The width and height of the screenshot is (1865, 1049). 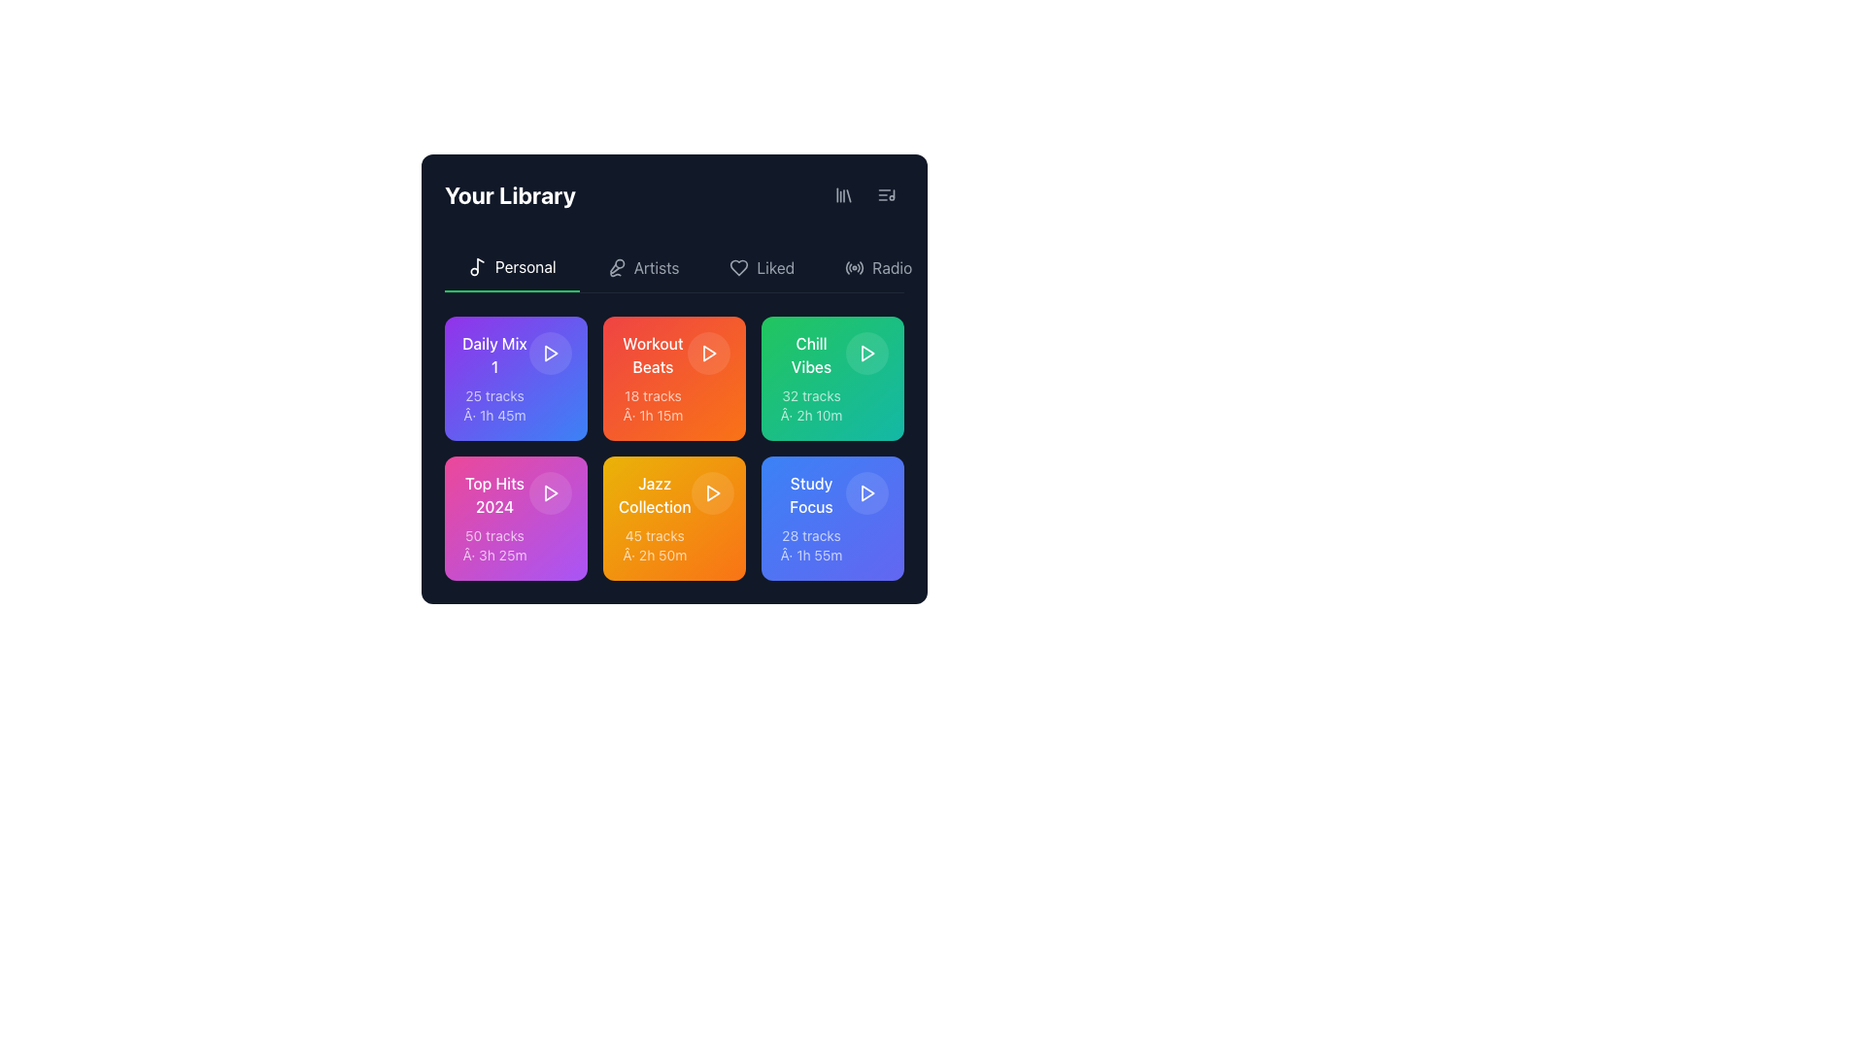 What do you see at coordinates (832, 378) in the screenshot?
I see `the 'Chill Vibes' playlist card located in the top-right corner of the grid layout to start playing the playlist` at bounding box center [832, 378].